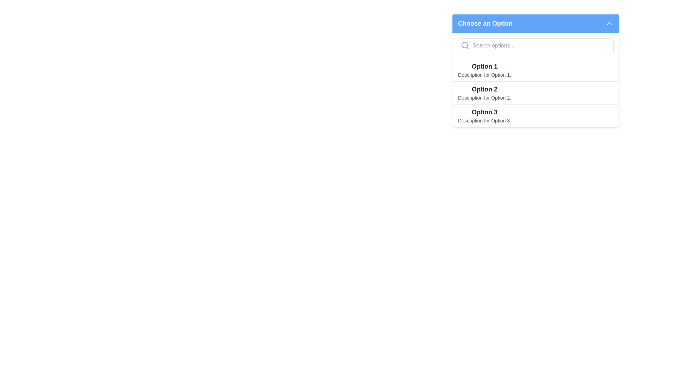 The image size is (676, 380). Describe the element at coordinates (484, 70) in the screenshot. I see `the first list item in the dropdown menu, which displays 'Option 1' in bold and larger font` at that location.